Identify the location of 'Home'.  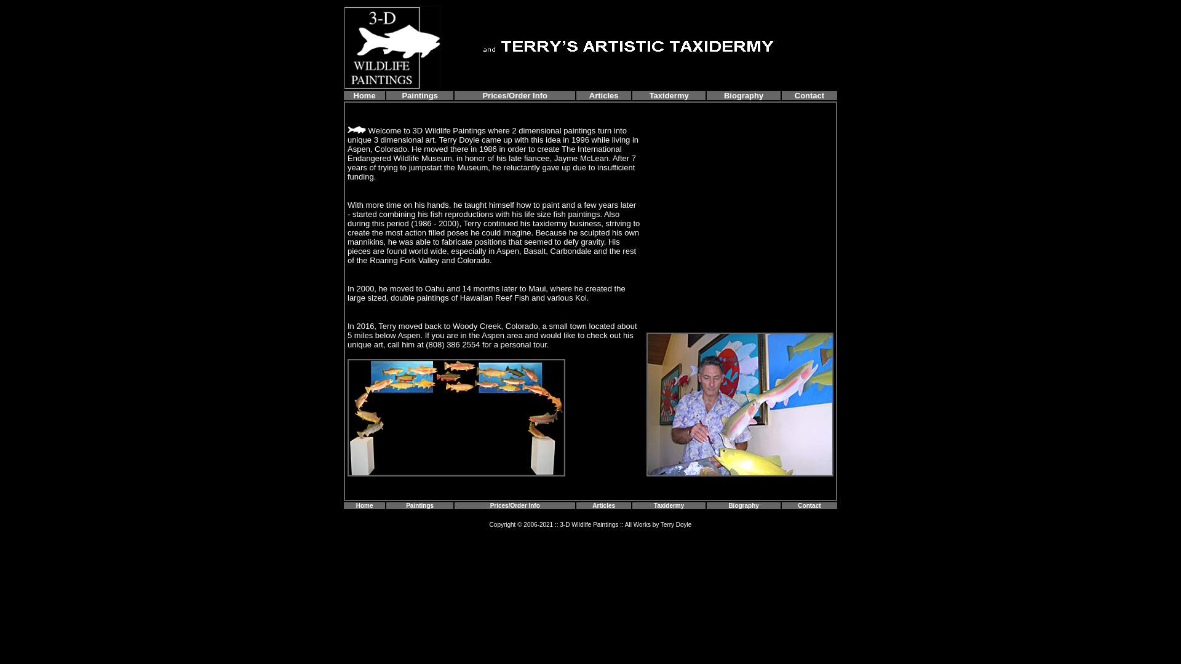
(364, 94).